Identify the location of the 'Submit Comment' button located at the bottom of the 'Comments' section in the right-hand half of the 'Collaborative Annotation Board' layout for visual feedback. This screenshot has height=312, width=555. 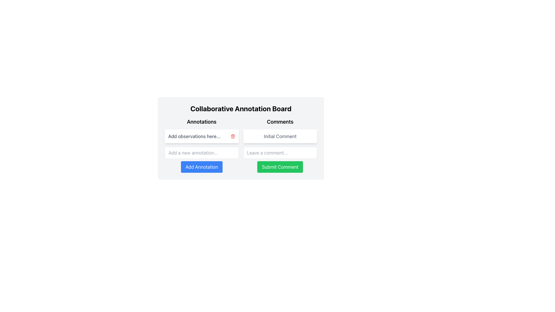
(280, 145).